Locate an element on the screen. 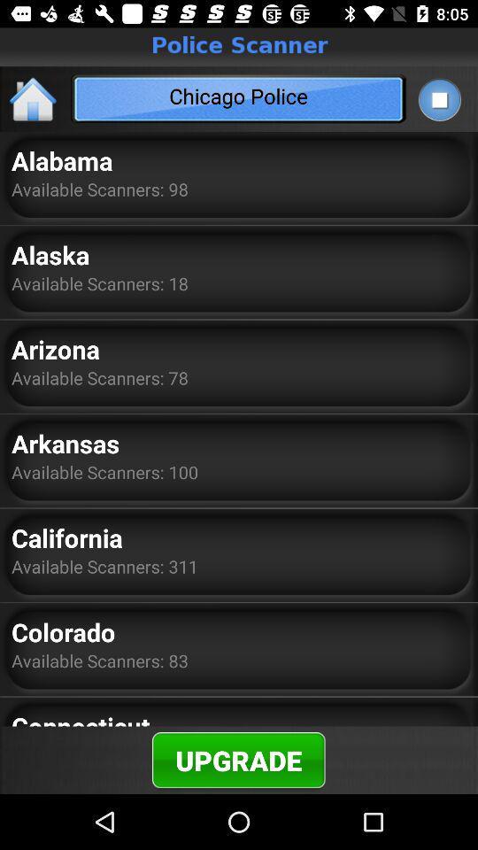 The height and width of the screenshot is (850, 478). the california icon is located at coordinates (66, 537).